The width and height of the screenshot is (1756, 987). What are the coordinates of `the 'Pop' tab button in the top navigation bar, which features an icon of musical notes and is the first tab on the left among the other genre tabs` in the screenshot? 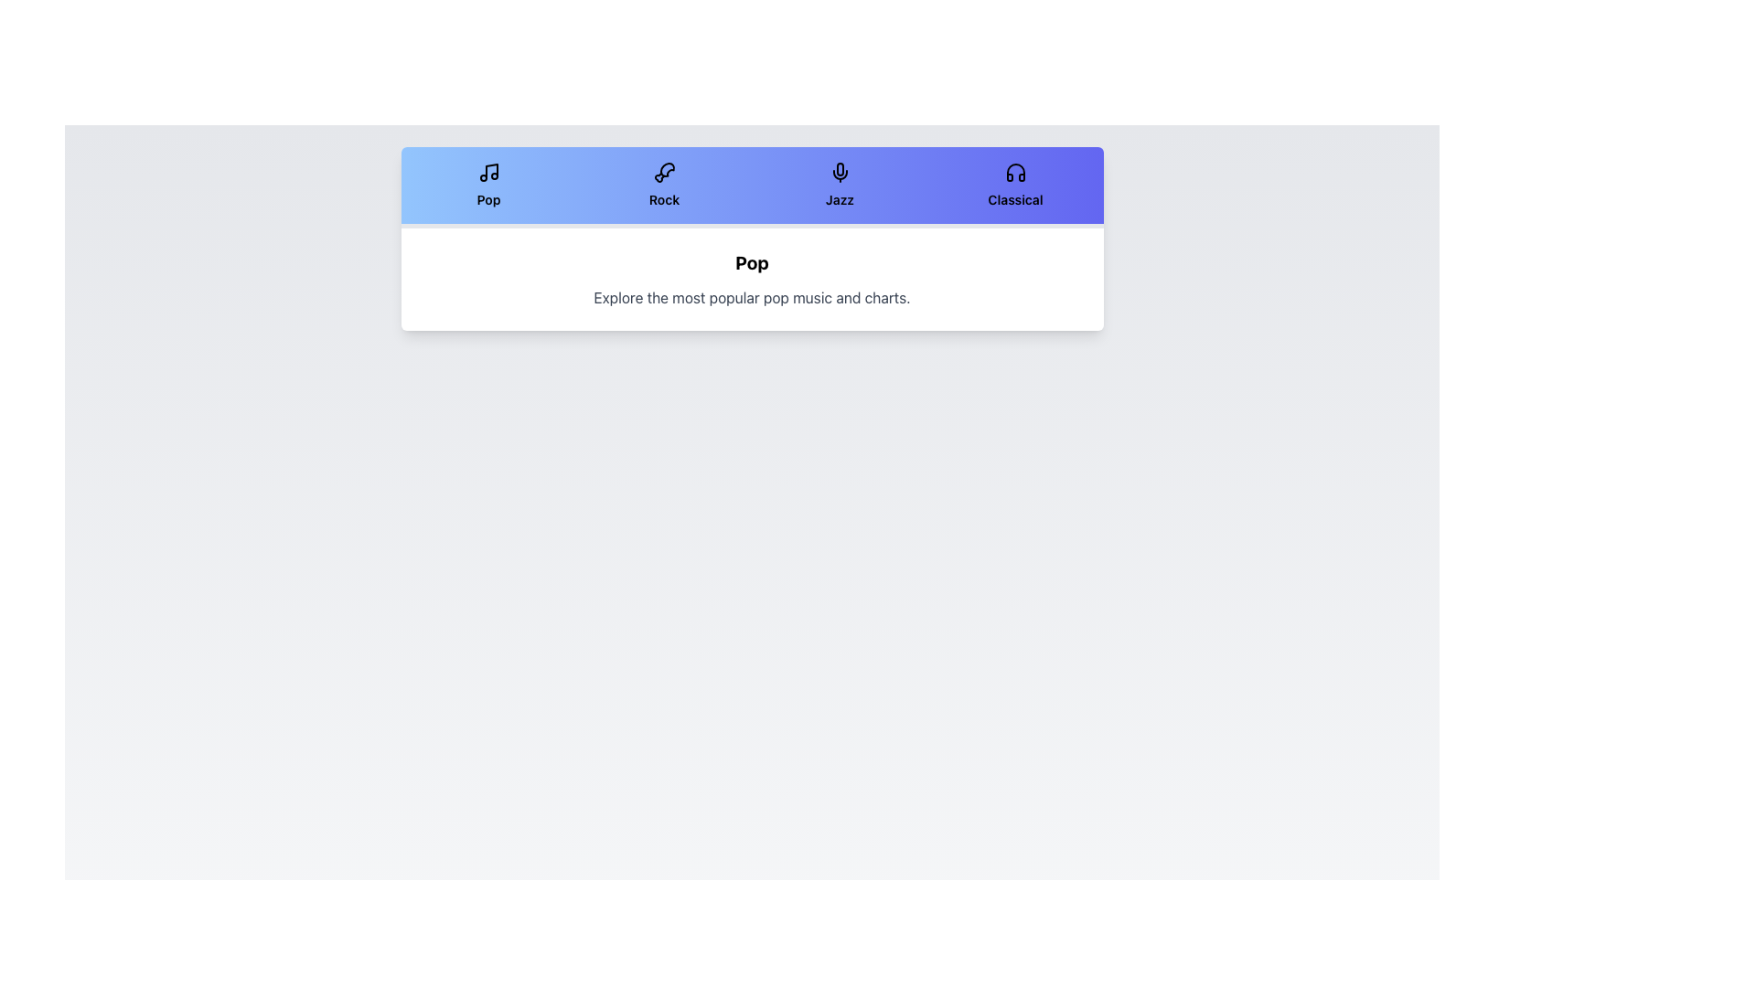 It's located at (488, 186).